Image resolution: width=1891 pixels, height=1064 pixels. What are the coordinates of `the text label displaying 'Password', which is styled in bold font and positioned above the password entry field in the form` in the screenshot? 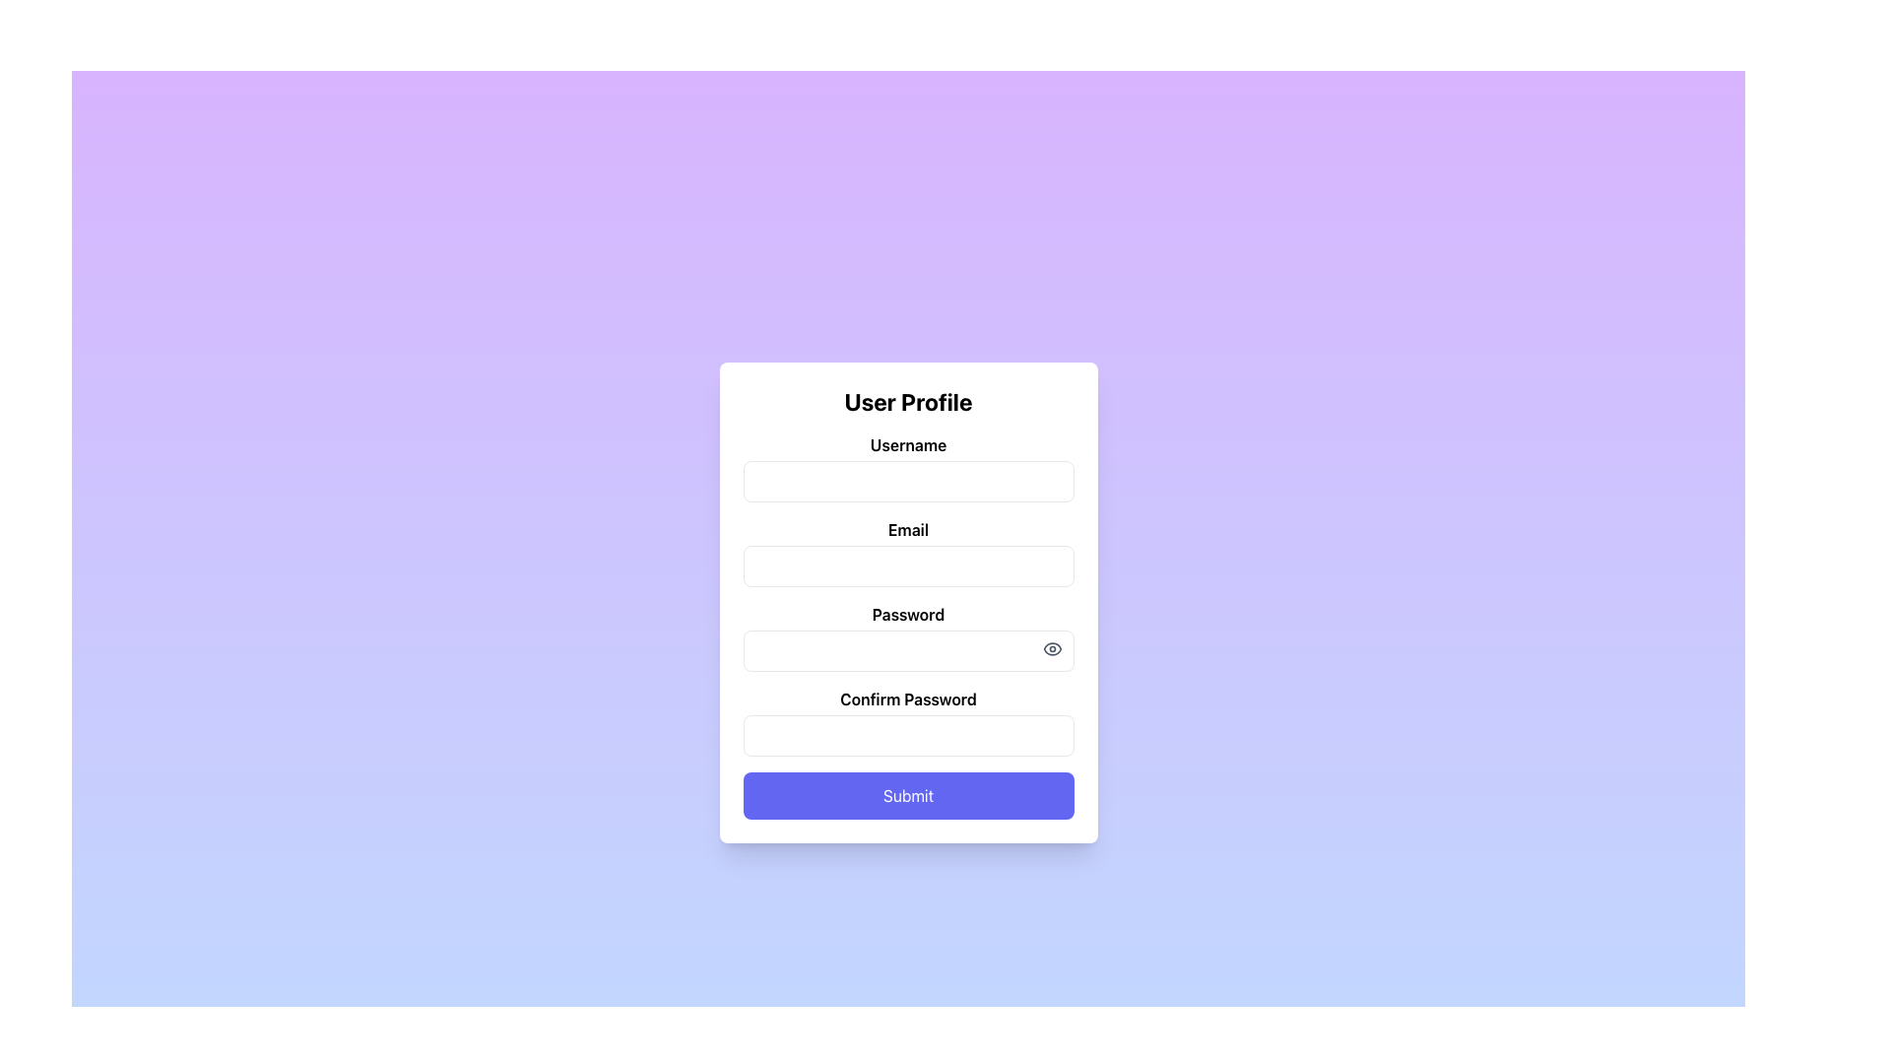 It's located at (907, 614).